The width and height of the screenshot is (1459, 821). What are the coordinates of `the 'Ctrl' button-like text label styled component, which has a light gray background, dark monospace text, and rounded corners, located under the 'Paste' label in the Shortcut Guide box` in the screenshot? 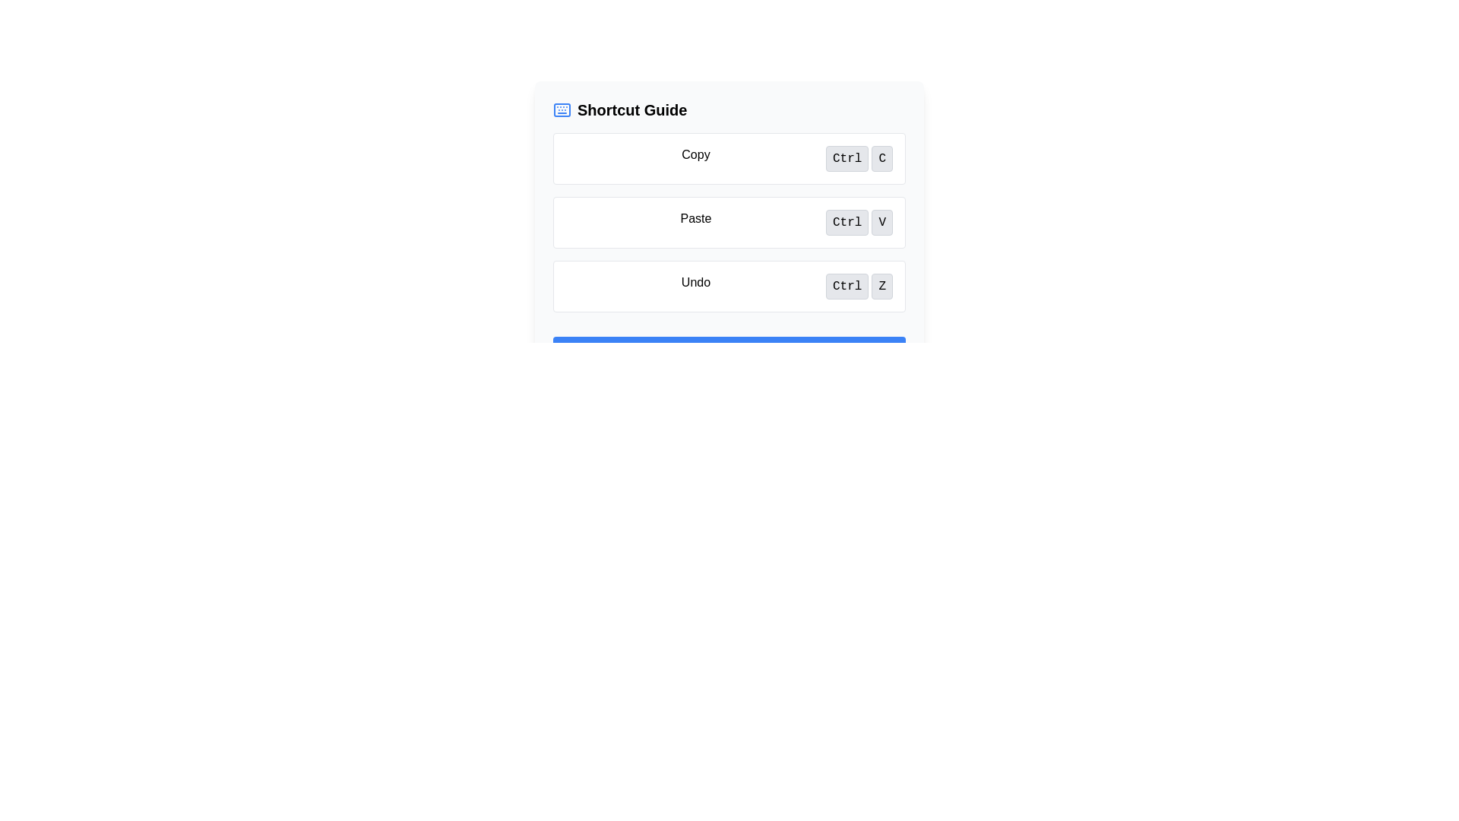 It's located at (847, 223).